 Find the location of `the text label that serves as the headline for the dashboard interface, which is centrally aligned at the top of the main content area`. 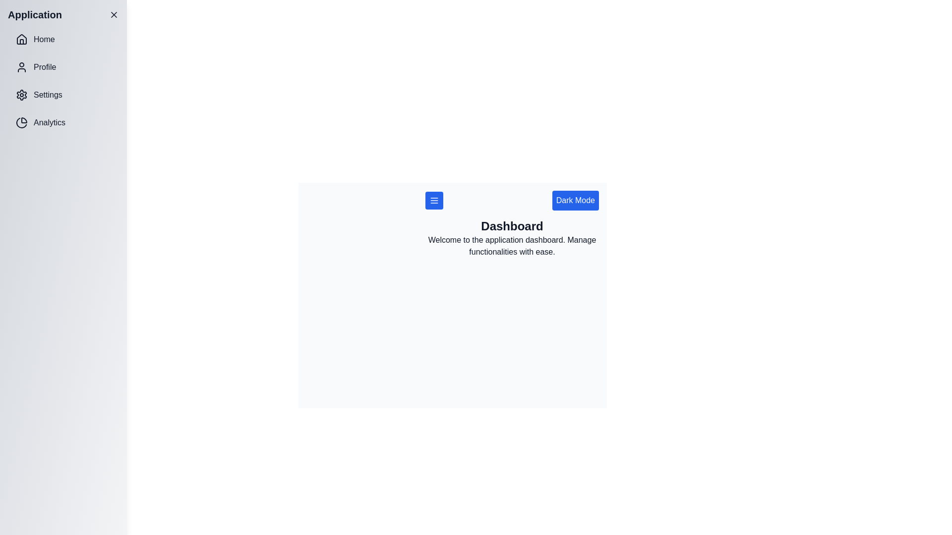

the text label that serves as the headline for the dashboard interface, which is centrally aligned at the top of the main content area is located at coordinates (512, 226).